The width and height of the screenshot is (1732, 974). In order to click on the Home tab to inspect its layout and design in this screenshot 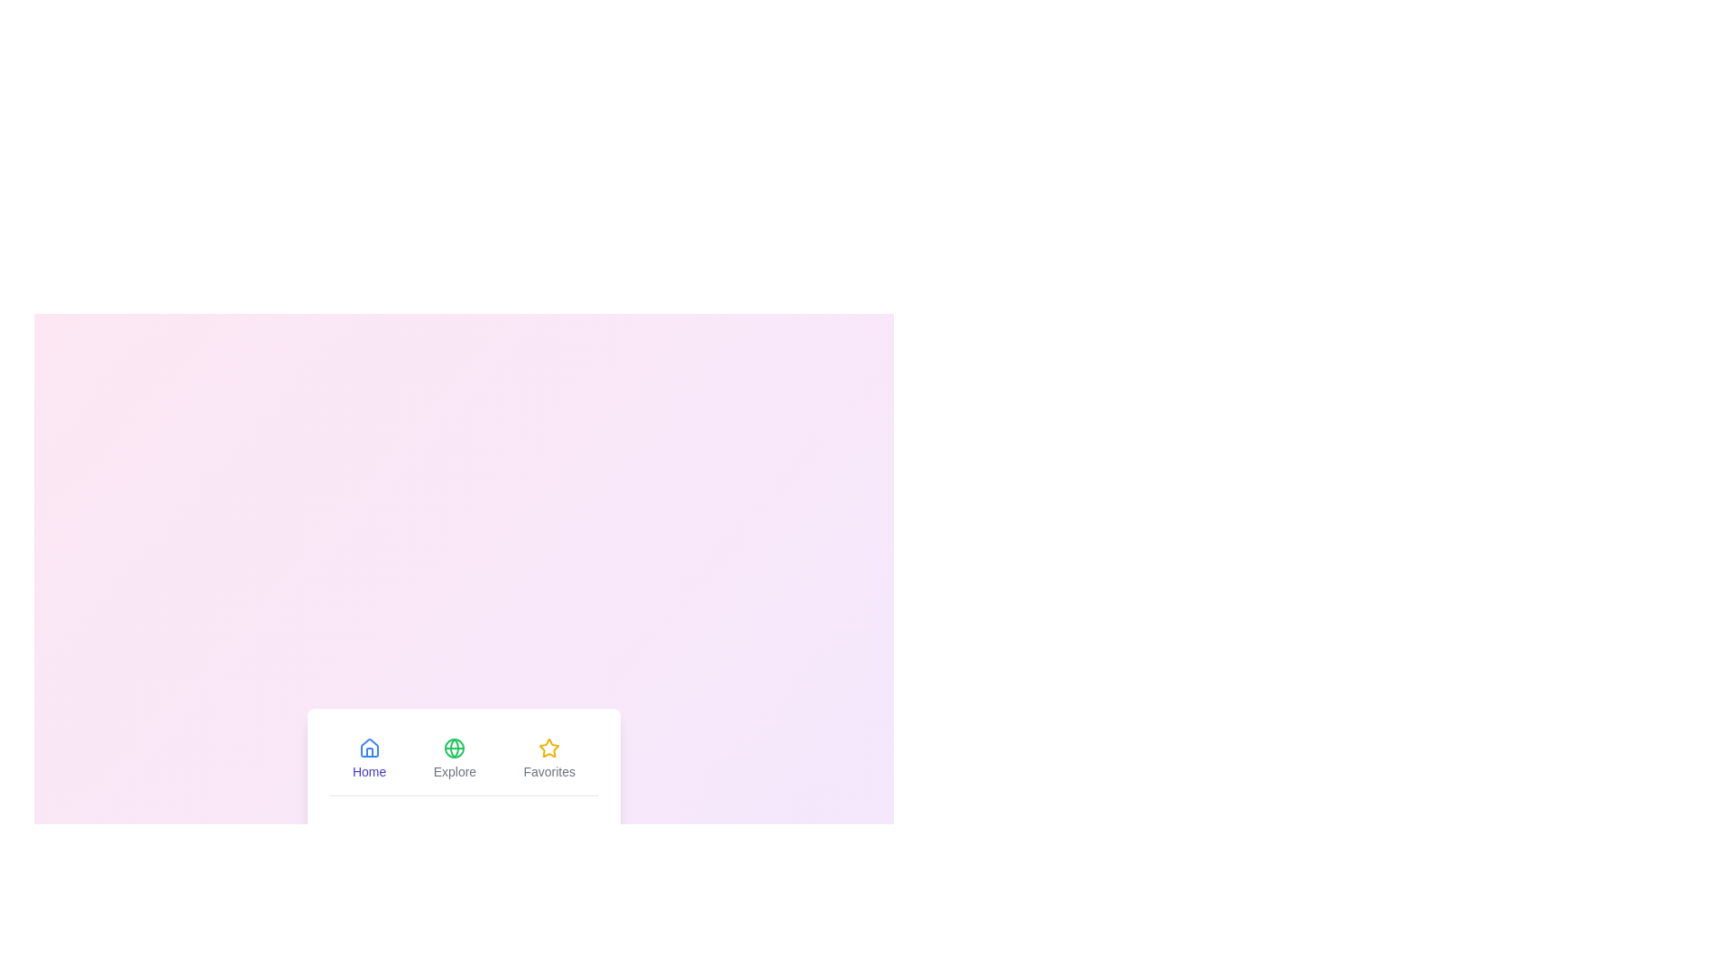, I will do `click(367, 758)`.